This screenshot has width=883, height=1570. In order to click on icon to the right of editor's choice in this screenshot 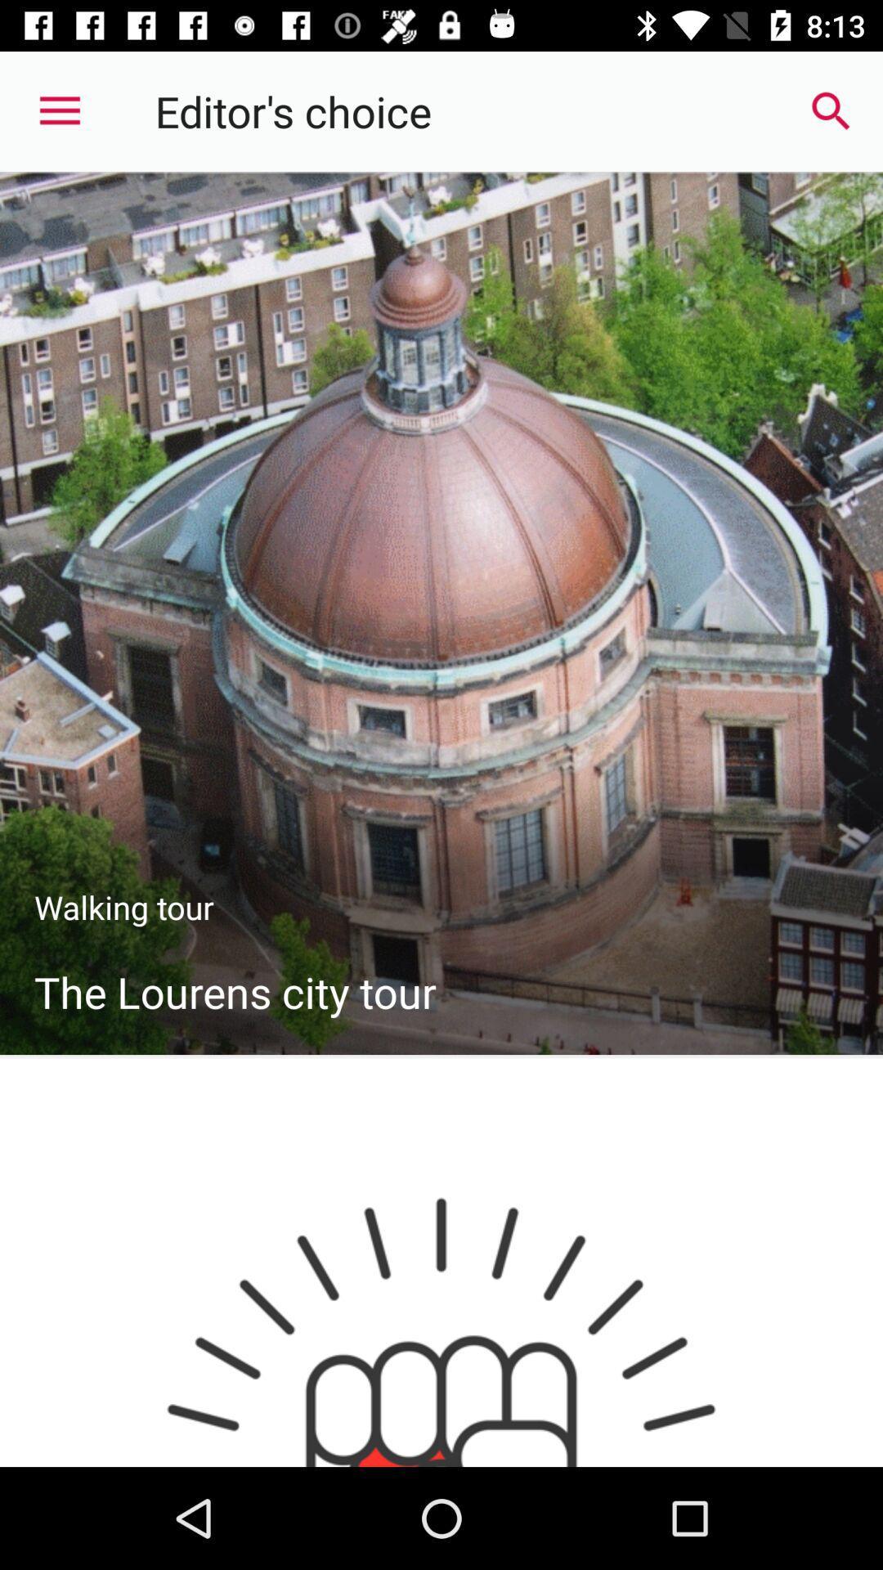, I will do `click(831, 110)`.